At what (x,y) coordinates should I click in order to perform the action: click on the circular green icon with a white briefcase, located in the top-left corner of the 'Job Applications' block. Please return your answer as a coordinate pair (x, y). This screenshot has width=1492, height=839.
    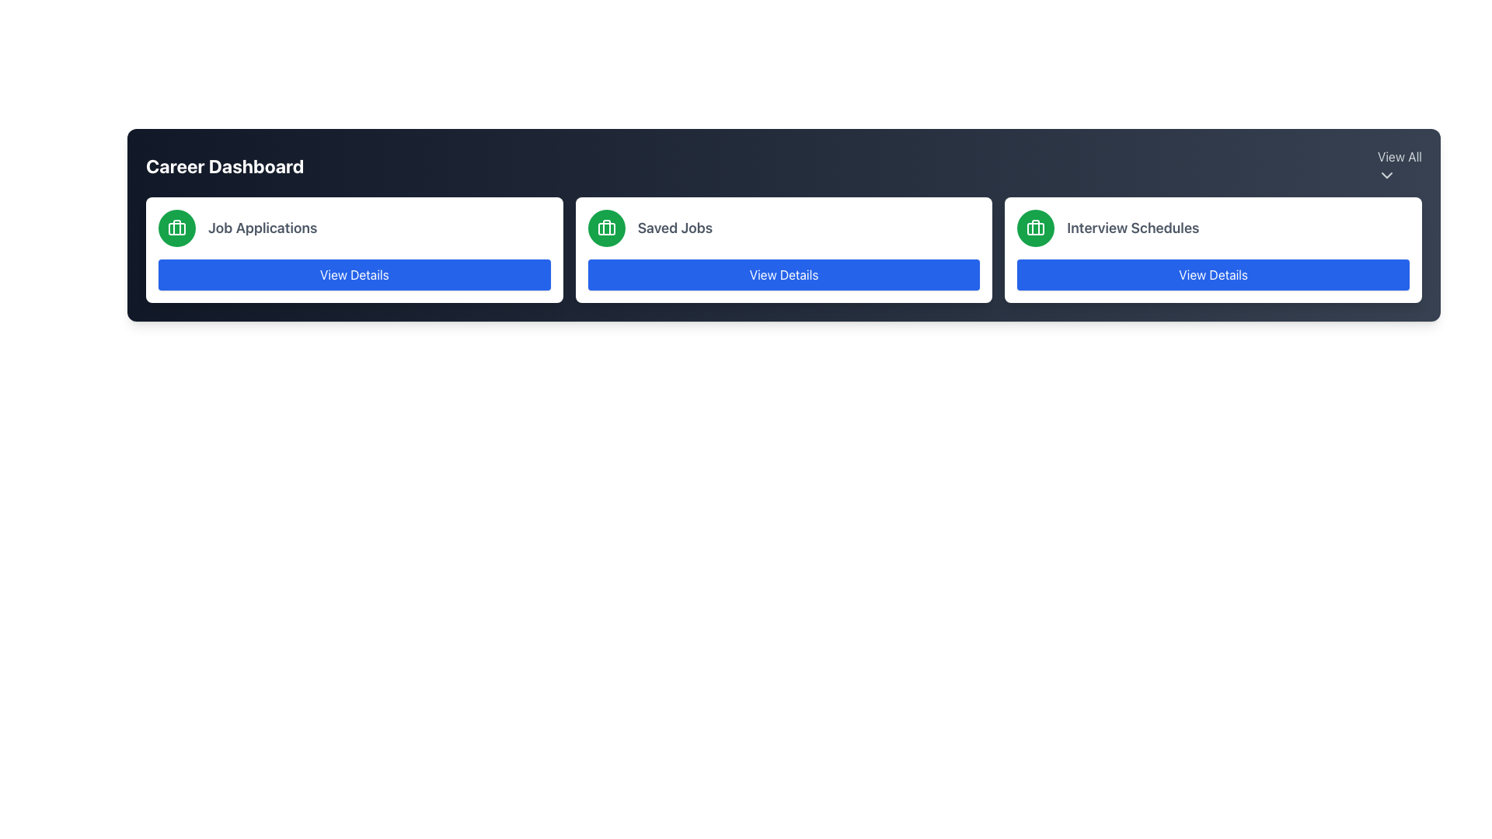
    Looking at the image, I should click on (176, 228).